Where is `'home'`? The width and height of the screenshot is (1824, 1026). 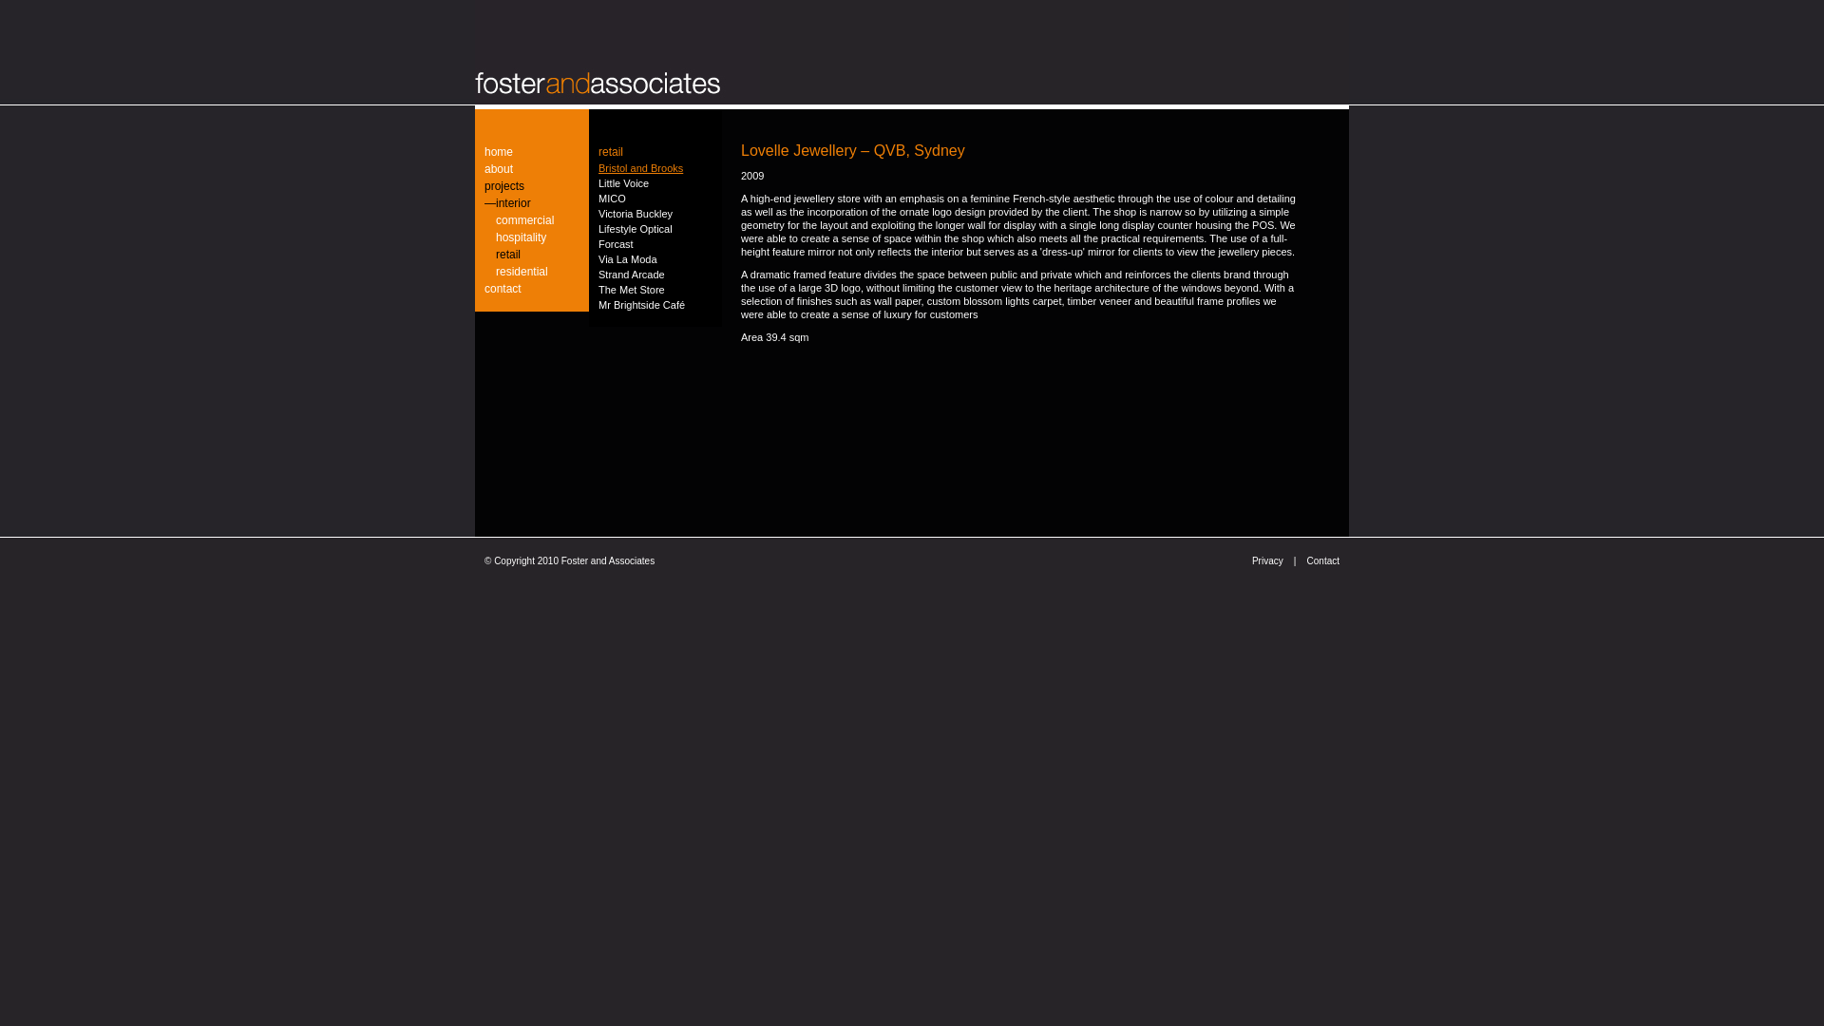
'home' is located at coordinates (532, 150).